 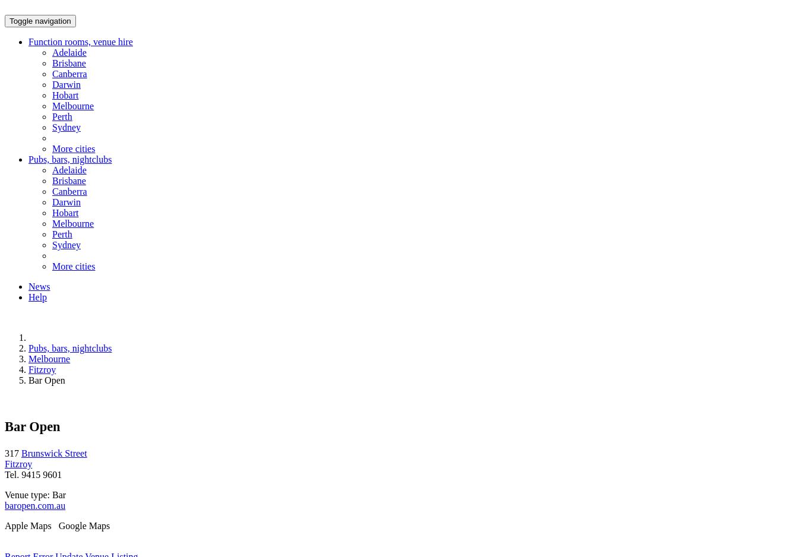 I want to click on 'Google Maps', so click(x=53, y=525).